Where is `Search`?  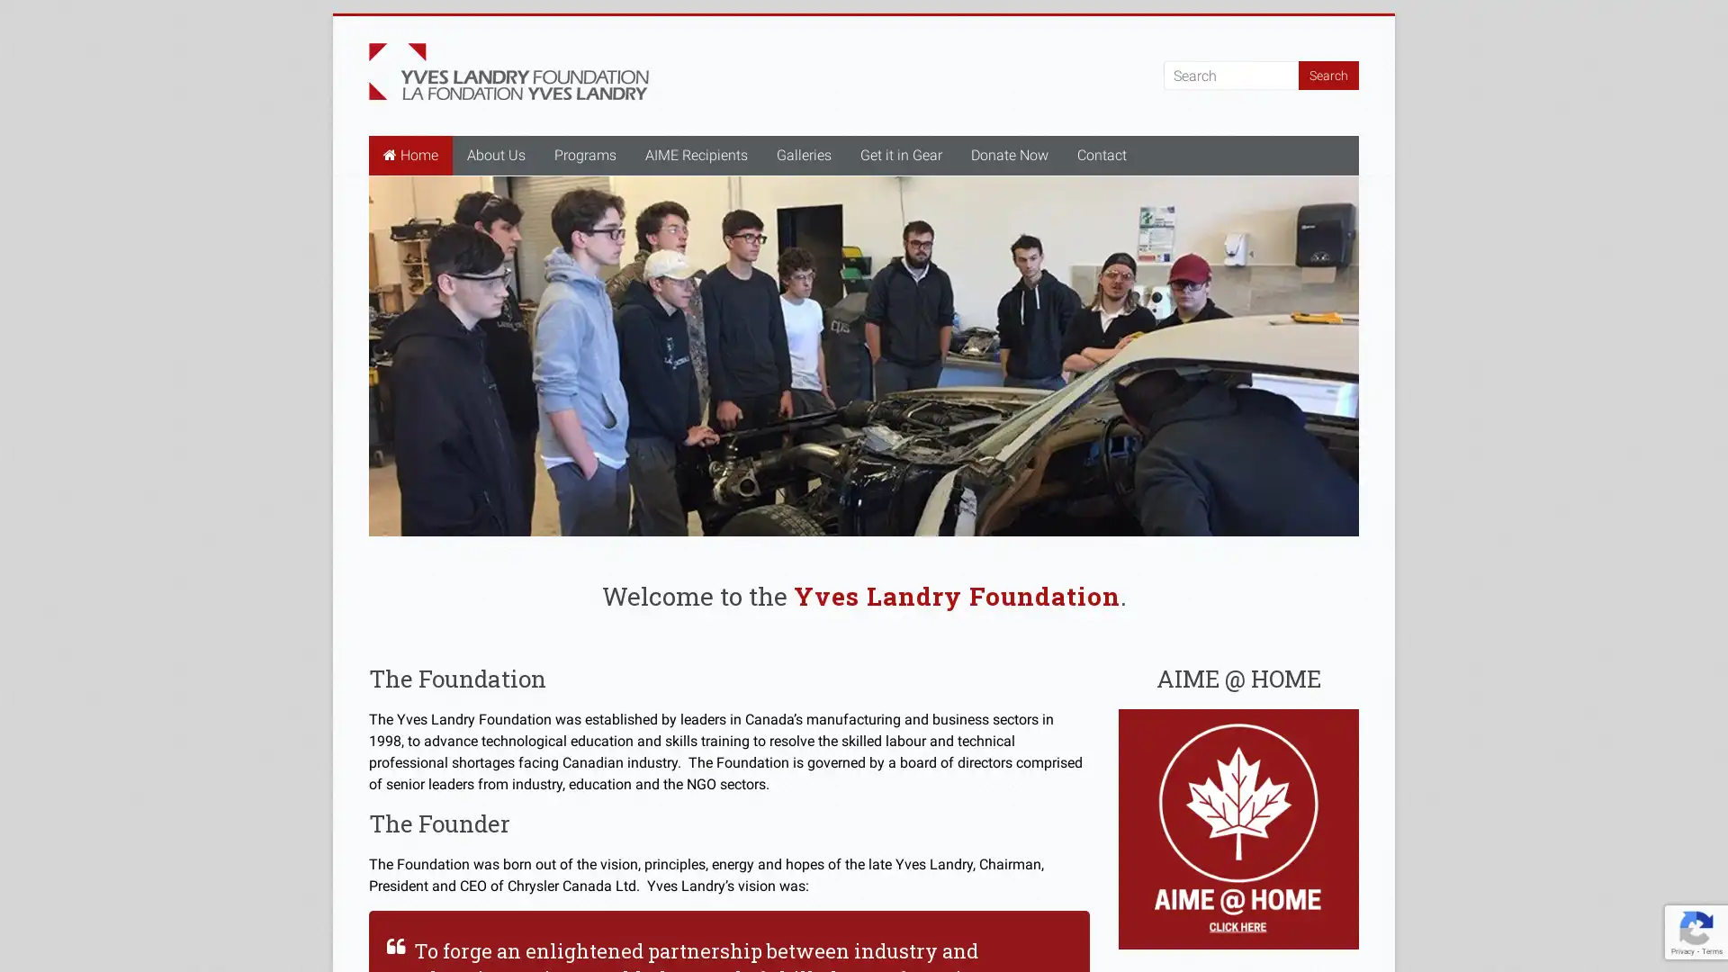
Search is located at coordinates (1328, 75).